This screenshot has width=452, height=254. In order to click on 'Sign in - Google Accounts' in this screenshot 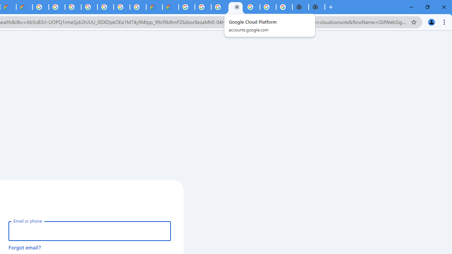, I will do `click(73, 7)`.